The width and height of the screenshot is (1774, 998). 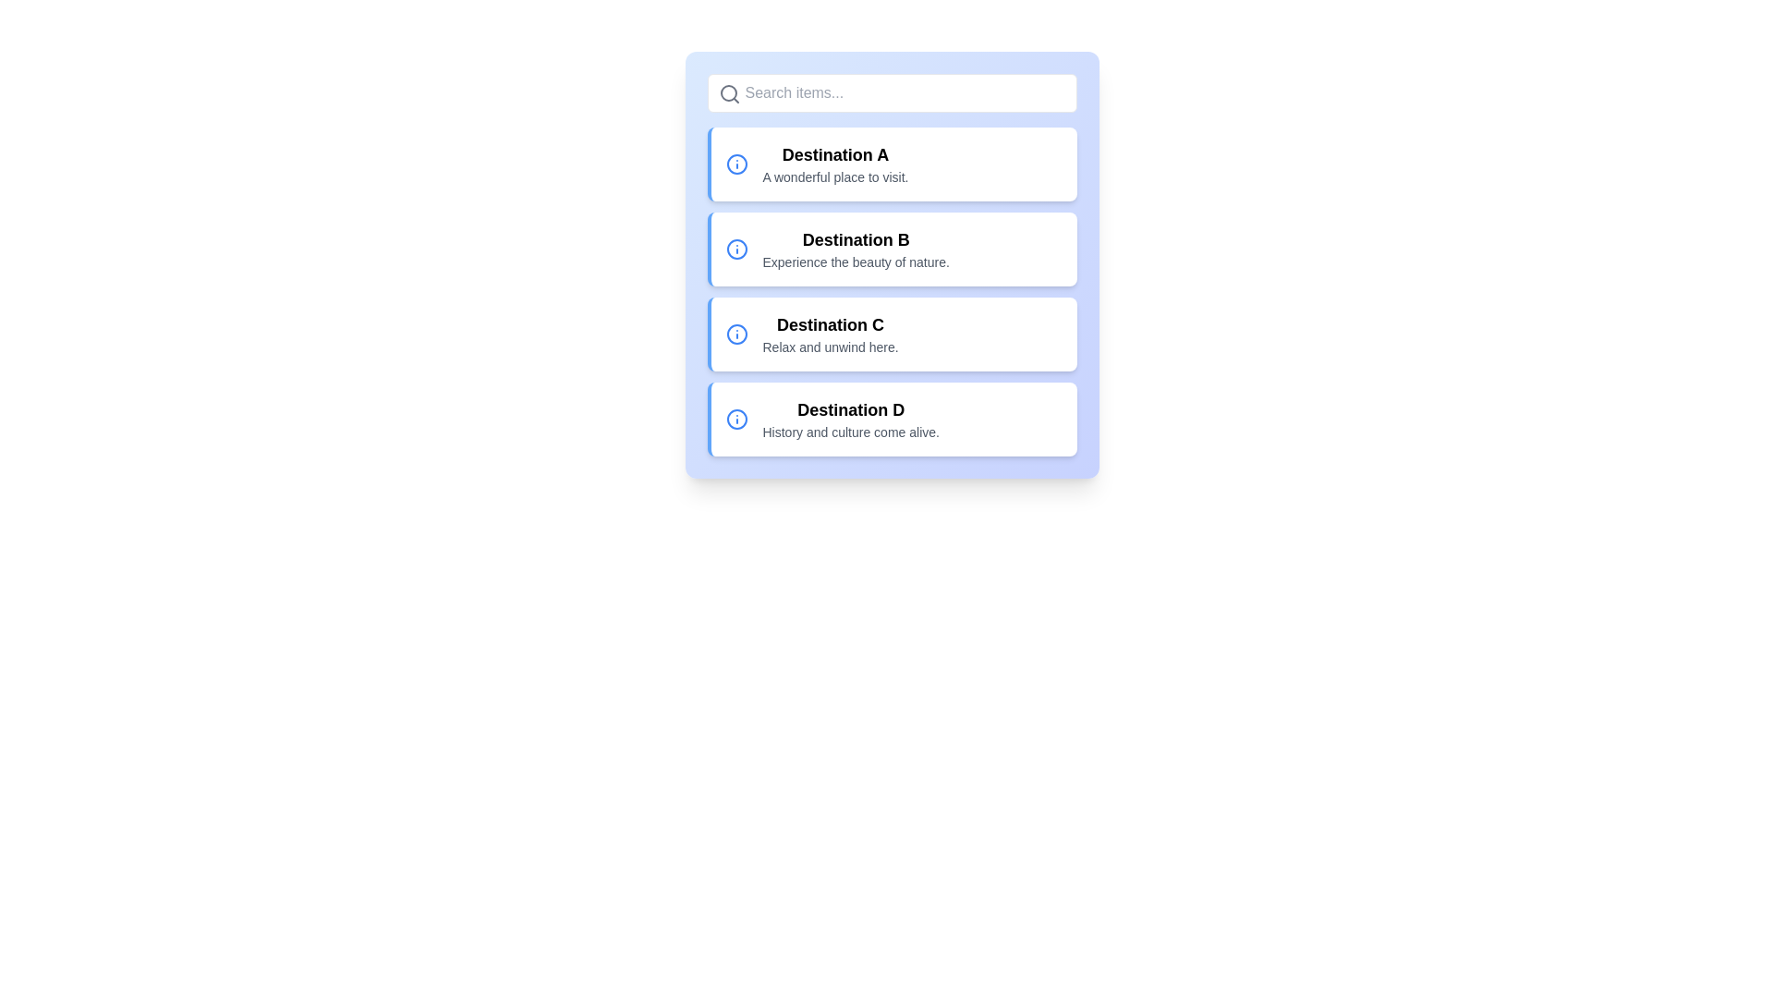 What do you see at coordinates (735, 420) in the screenshot?
I see `the informational icon located to the left of the text 'Destination D' in the fourth card of the vertically stacked list` at bounding box center [735, 420].